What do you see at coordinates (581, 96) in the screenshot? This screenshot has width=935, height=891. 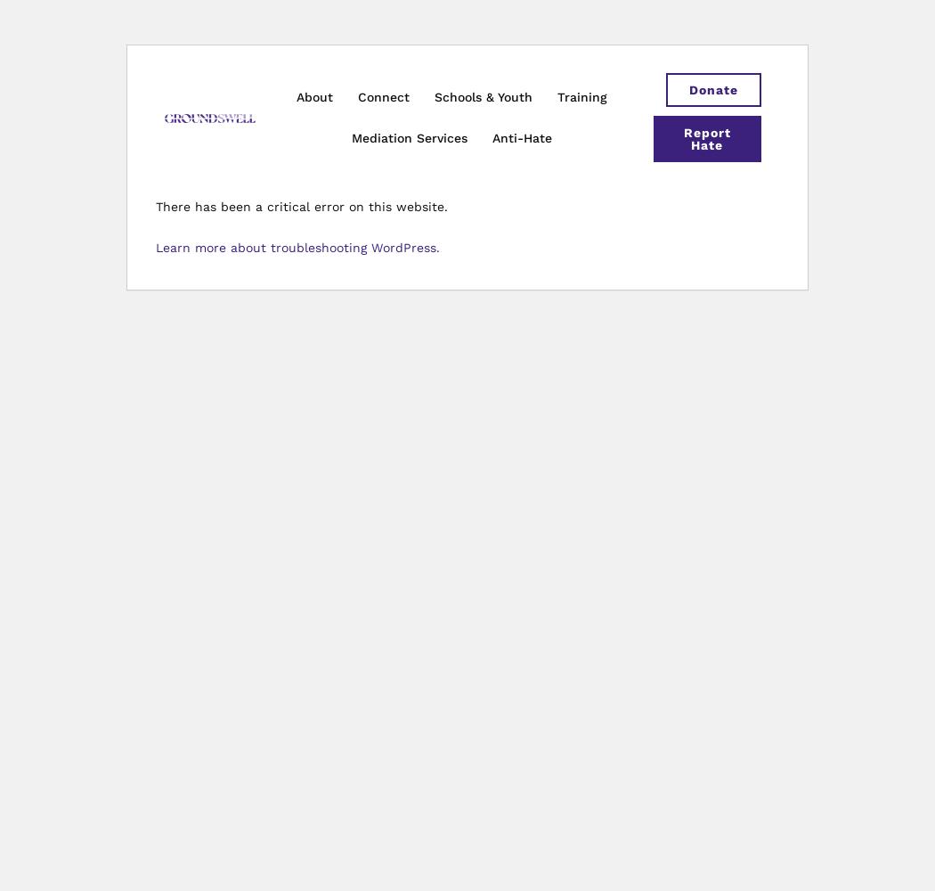 I see `'Training'` at bounding box center [581, 96].